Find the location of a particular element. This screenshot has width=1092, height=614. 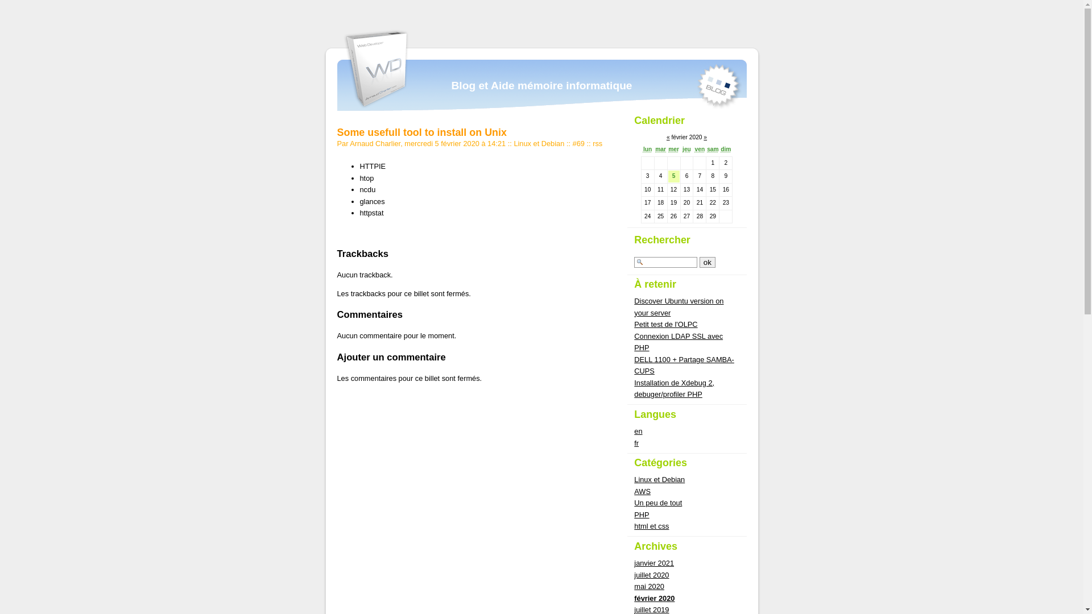

'fr' is located at coordinates (635, 442).